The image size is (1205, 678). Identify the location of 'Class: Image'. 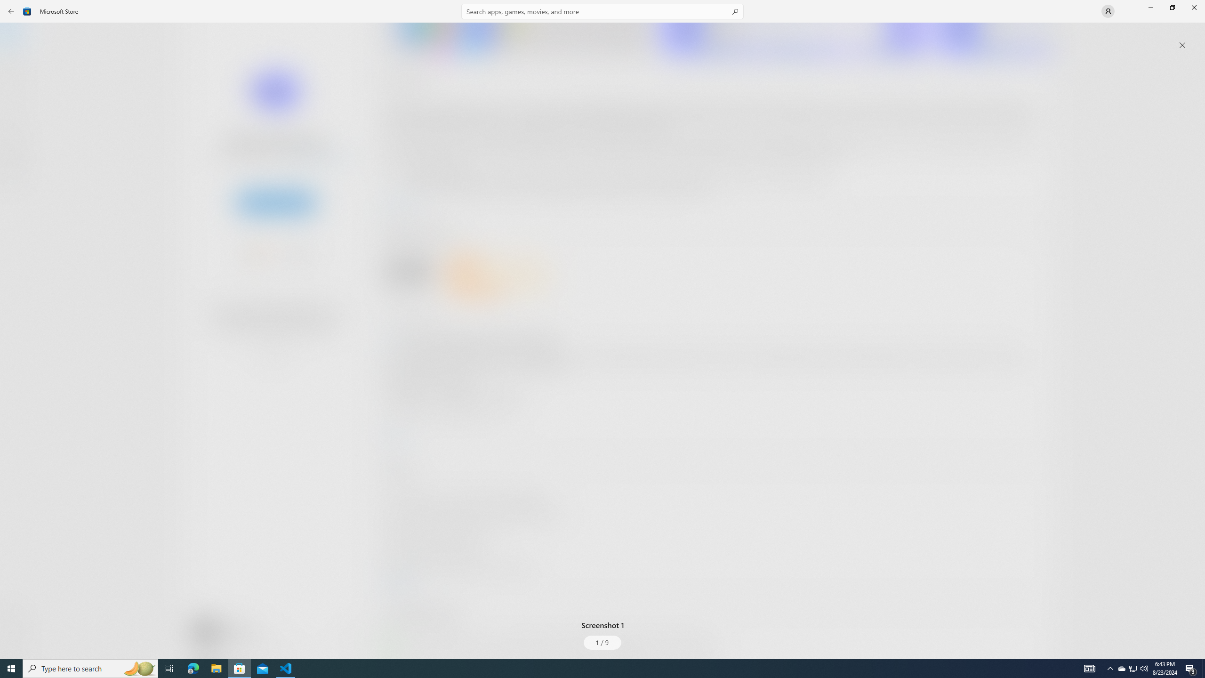
(27, 10).